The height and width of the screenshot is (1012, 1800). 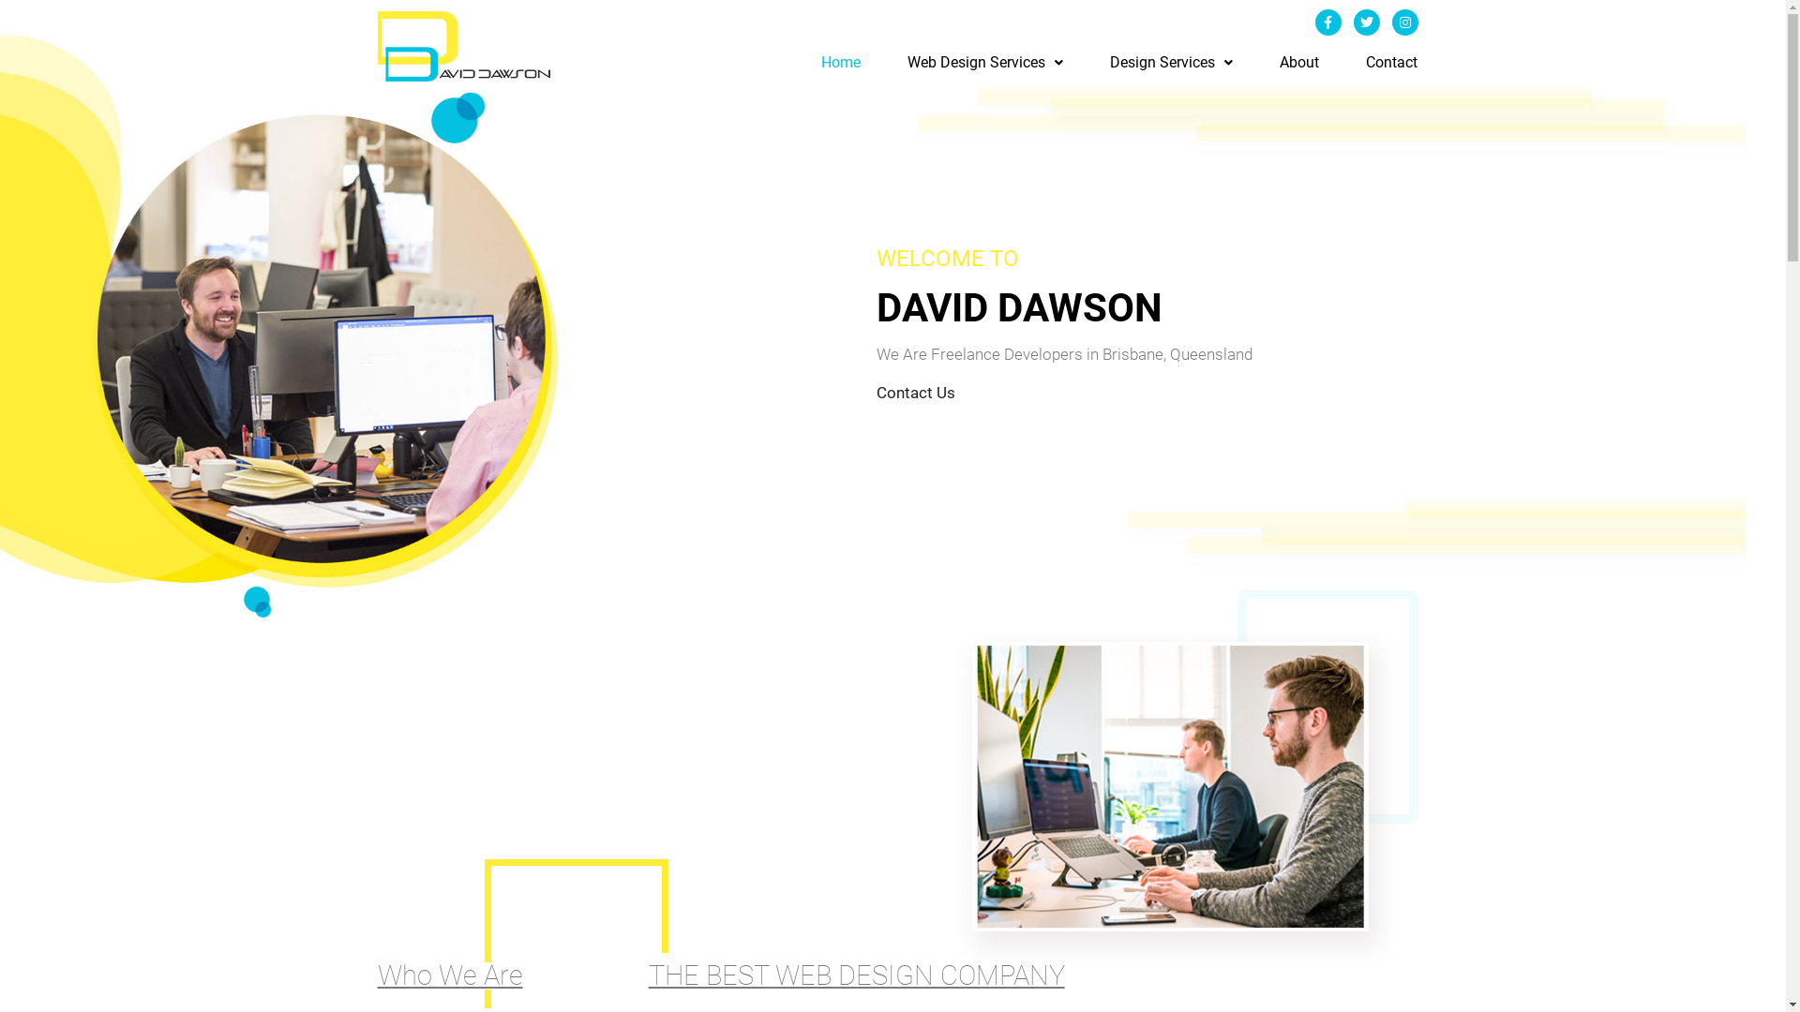 What do you see at coordinates (984, 61) in the screenshot?
I see `'Web Design Services'` at bounding box center [984, 61].